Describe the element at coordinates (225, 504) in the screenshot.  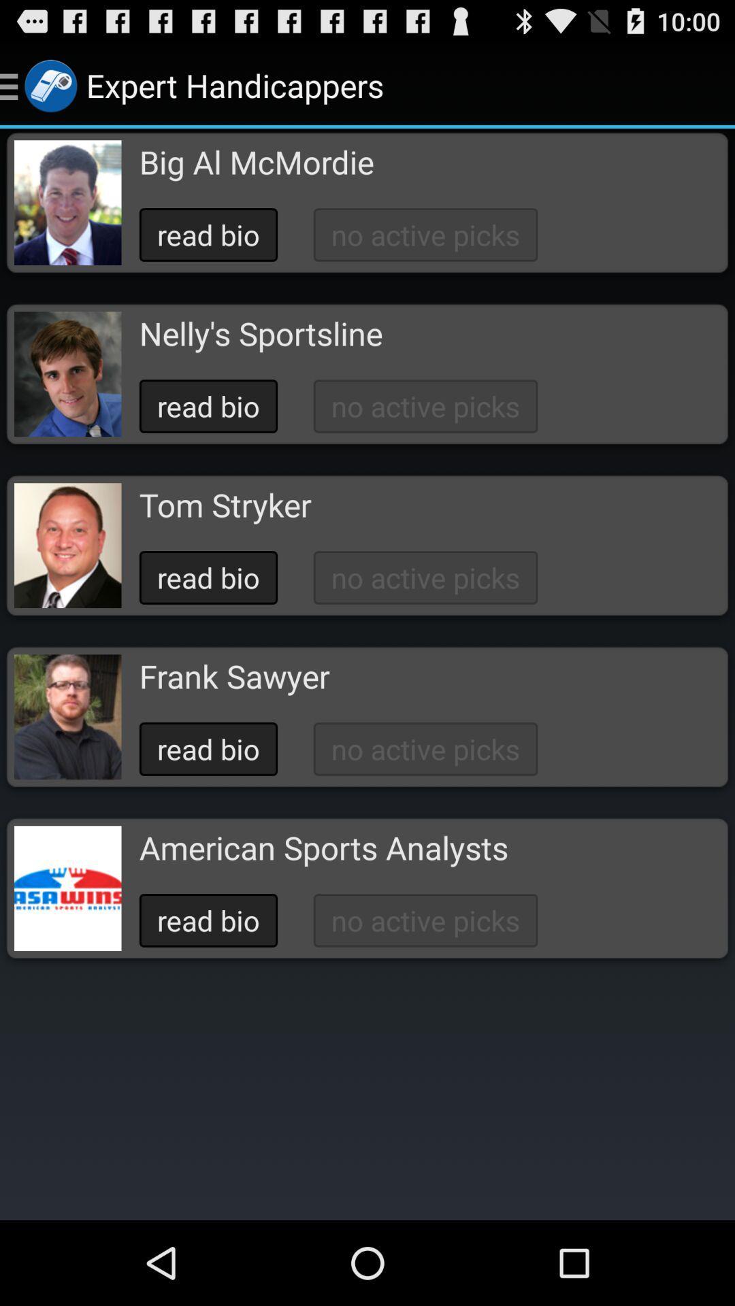
I see `tom stryker icon` at that location.